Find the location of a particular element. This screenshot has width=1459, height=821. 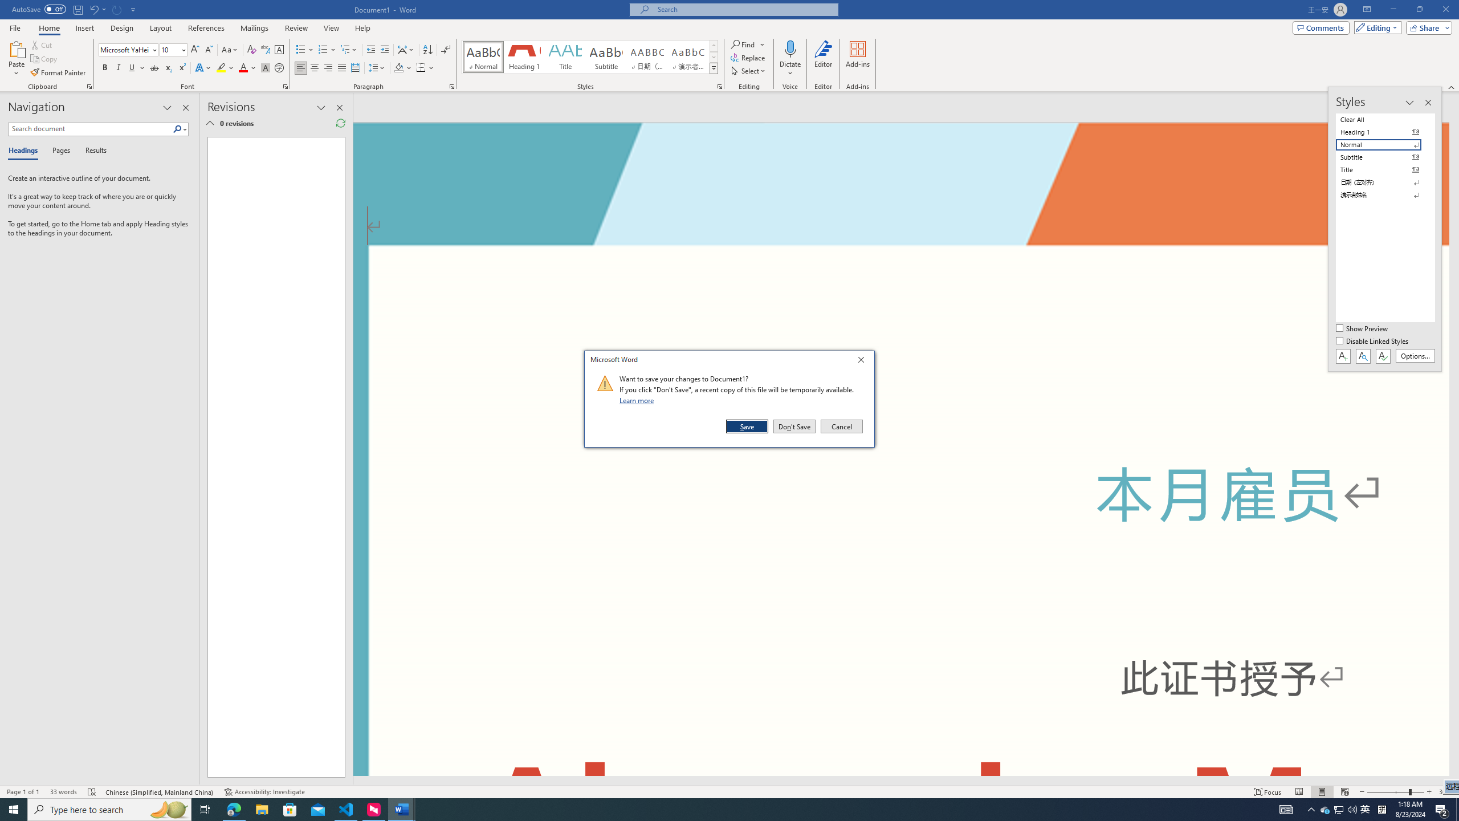

'Justify' is located at coordinates (341, 67).